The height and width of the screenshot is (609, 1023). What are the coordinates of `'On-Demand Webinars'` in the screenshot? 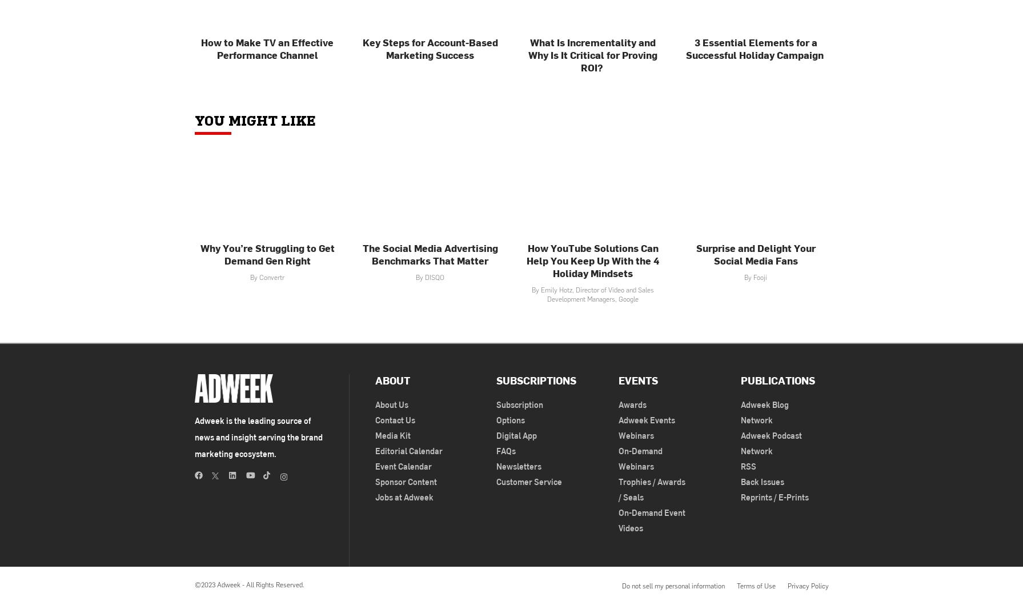 It's located at (640, 458).